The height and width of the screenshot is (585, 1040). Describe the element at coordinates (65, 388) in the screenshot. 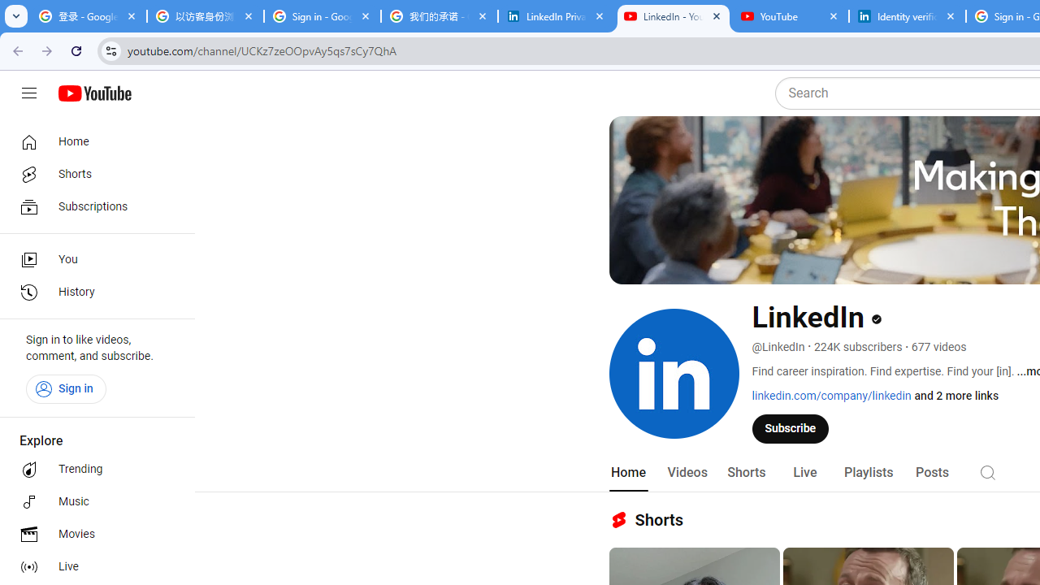

I see `'Sign in'` at that location.